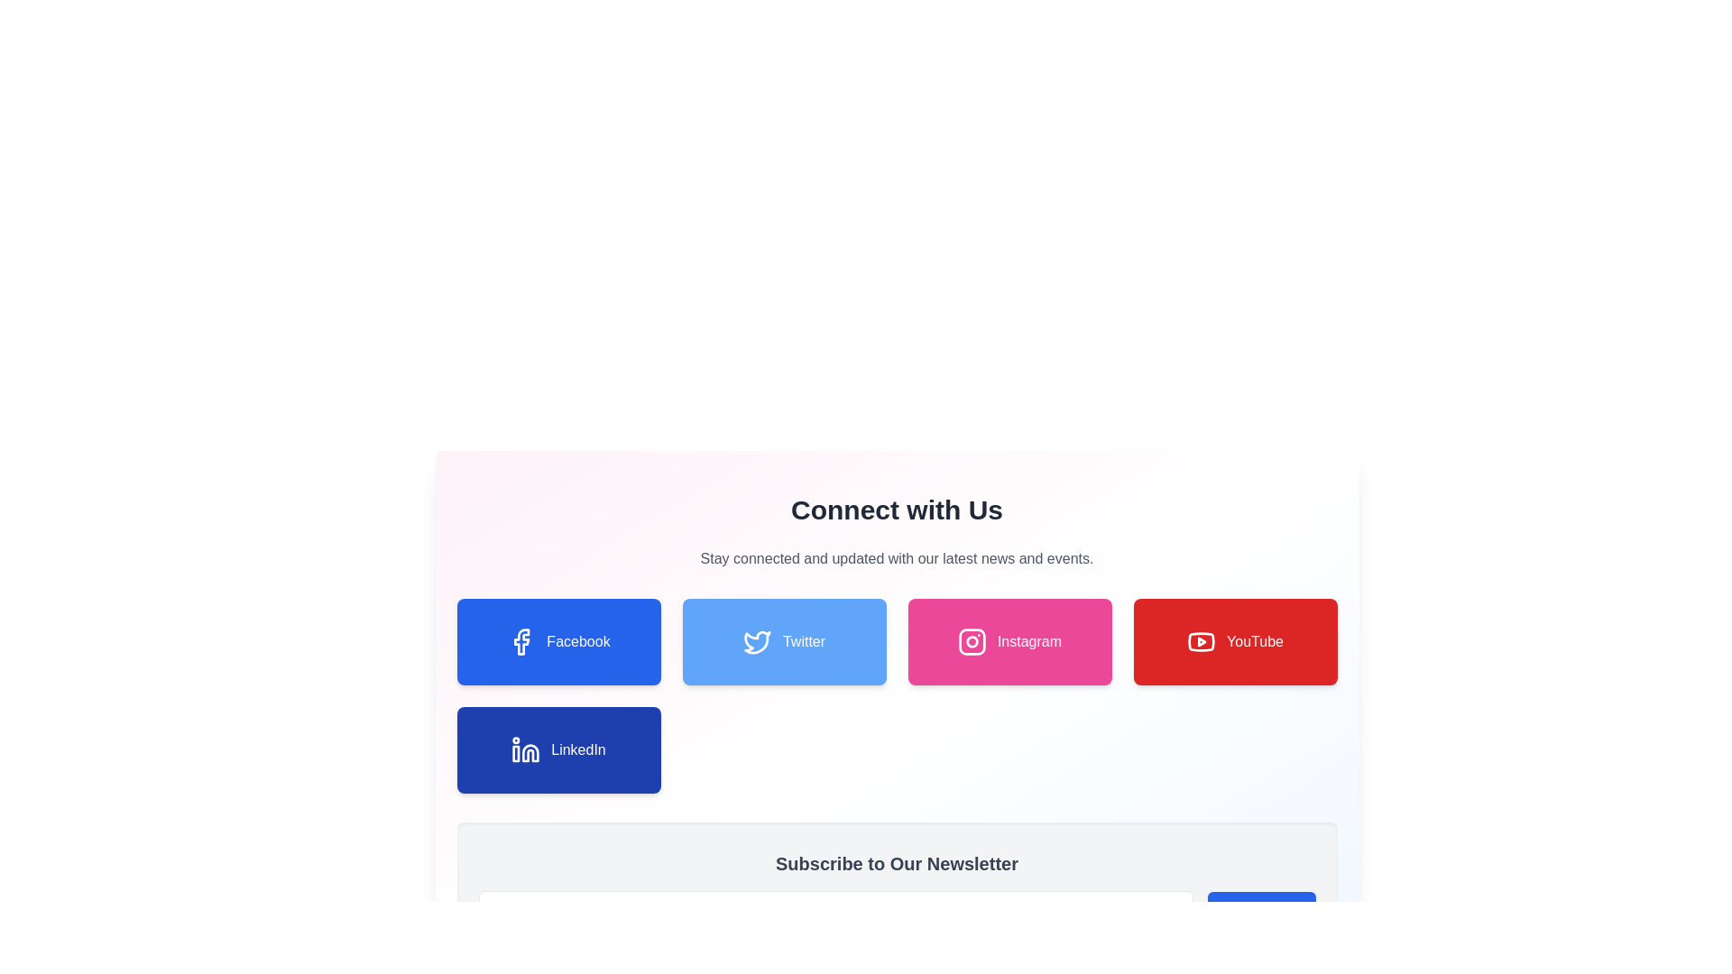 The width and height of the screenshot is (1732, 974). I want to click on the Facebook icon located within the blue rectangular button labeled 'Facebook', so click(521, 641).